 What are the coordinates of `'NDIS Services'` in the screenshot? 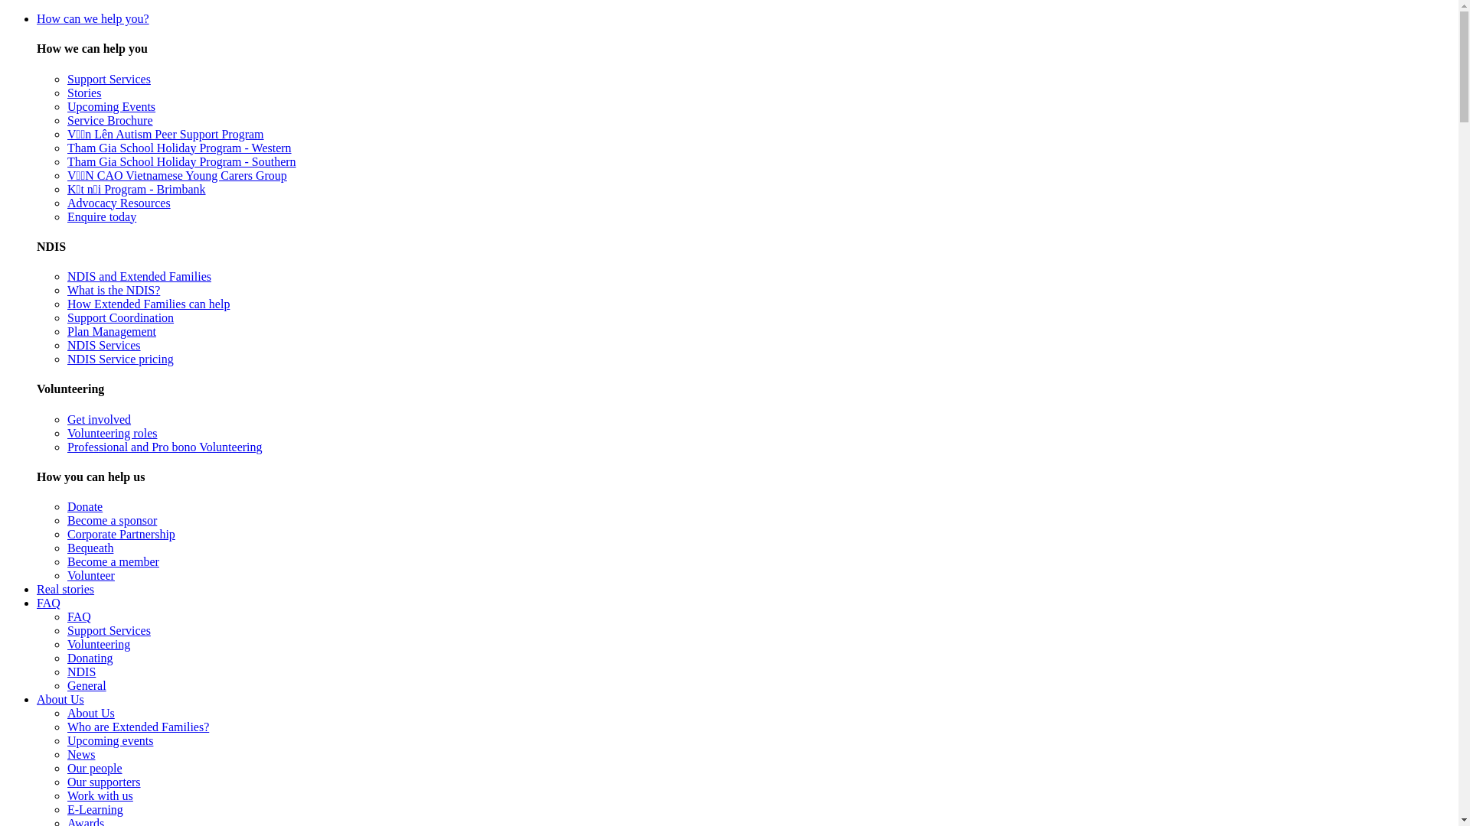 It's located at (103, 345).